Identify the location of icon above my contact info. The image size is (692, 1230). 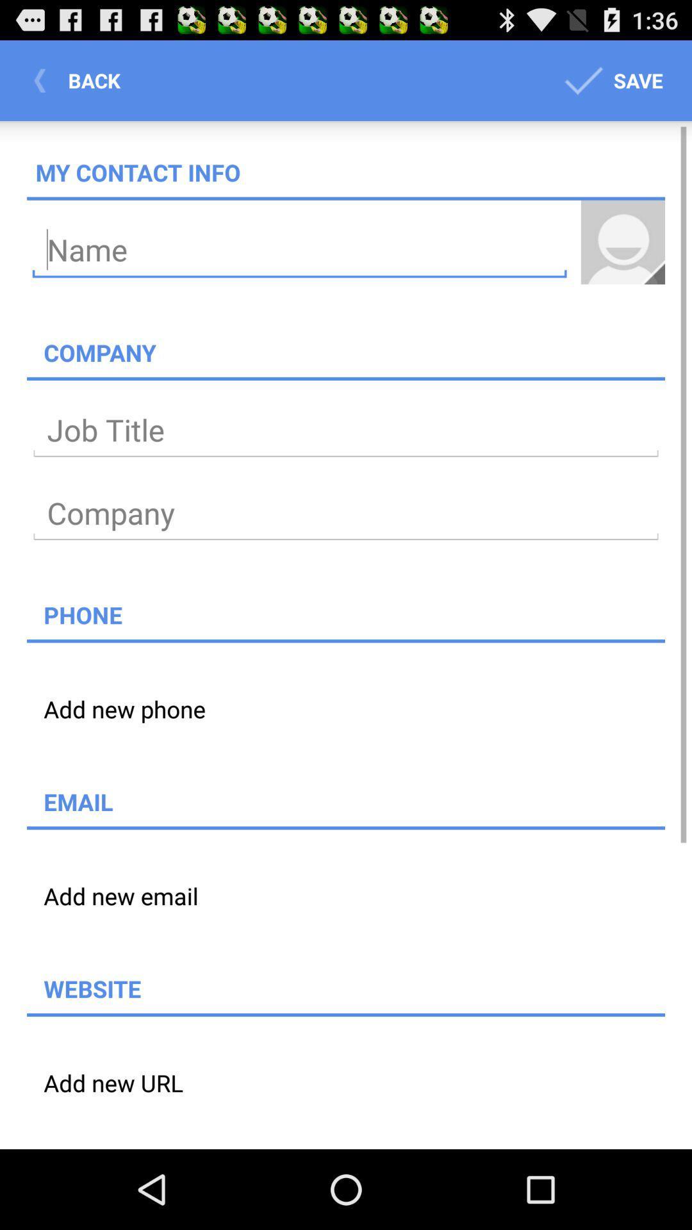
(610, 79).